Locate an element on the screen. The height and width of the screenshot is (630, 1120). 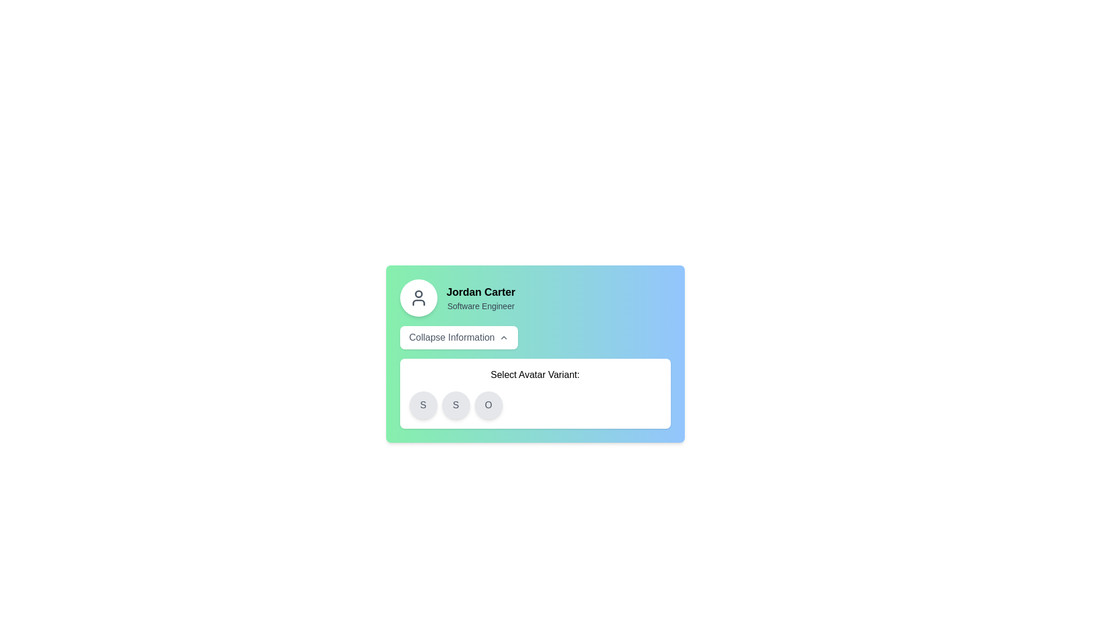
the circular white button featuring a user silhouette icon, located at the upper-left corner of the card with 'Jordan Carter' and 'Software Engineer' is located at coordinates (418, 297).